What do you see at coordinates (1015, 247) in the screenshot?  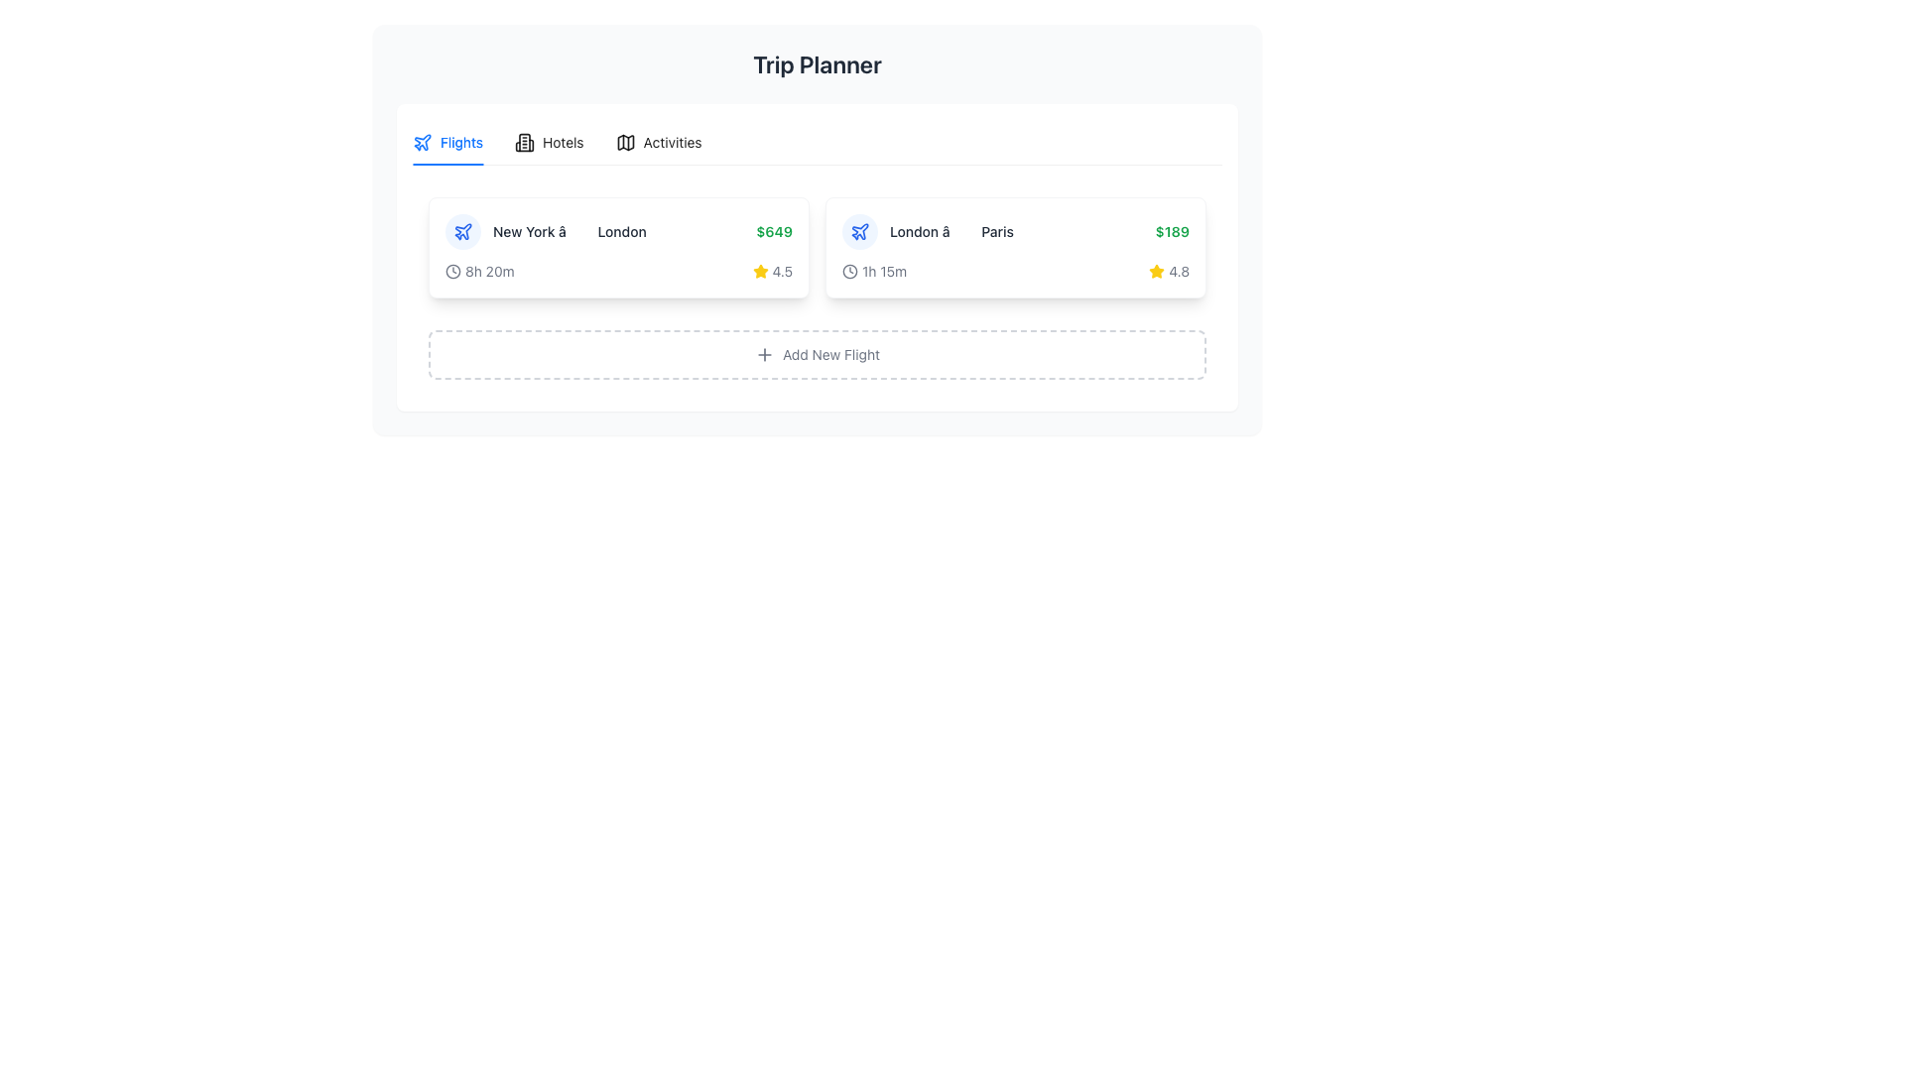 I see `the Travel Information Card that displays summarized travel details including departure and destination cities, cost, duration, and user rating, located in the second column beneath the 'Flights' tab` at bounding box center [1015, 247].